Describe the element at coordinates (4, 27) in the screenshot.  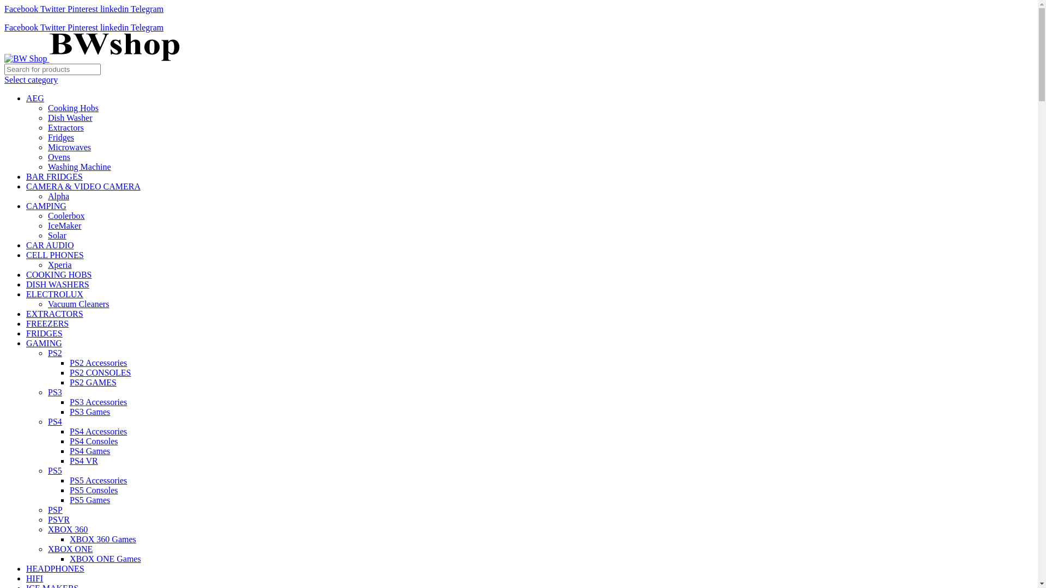
I see `'Facebook'` at that location.